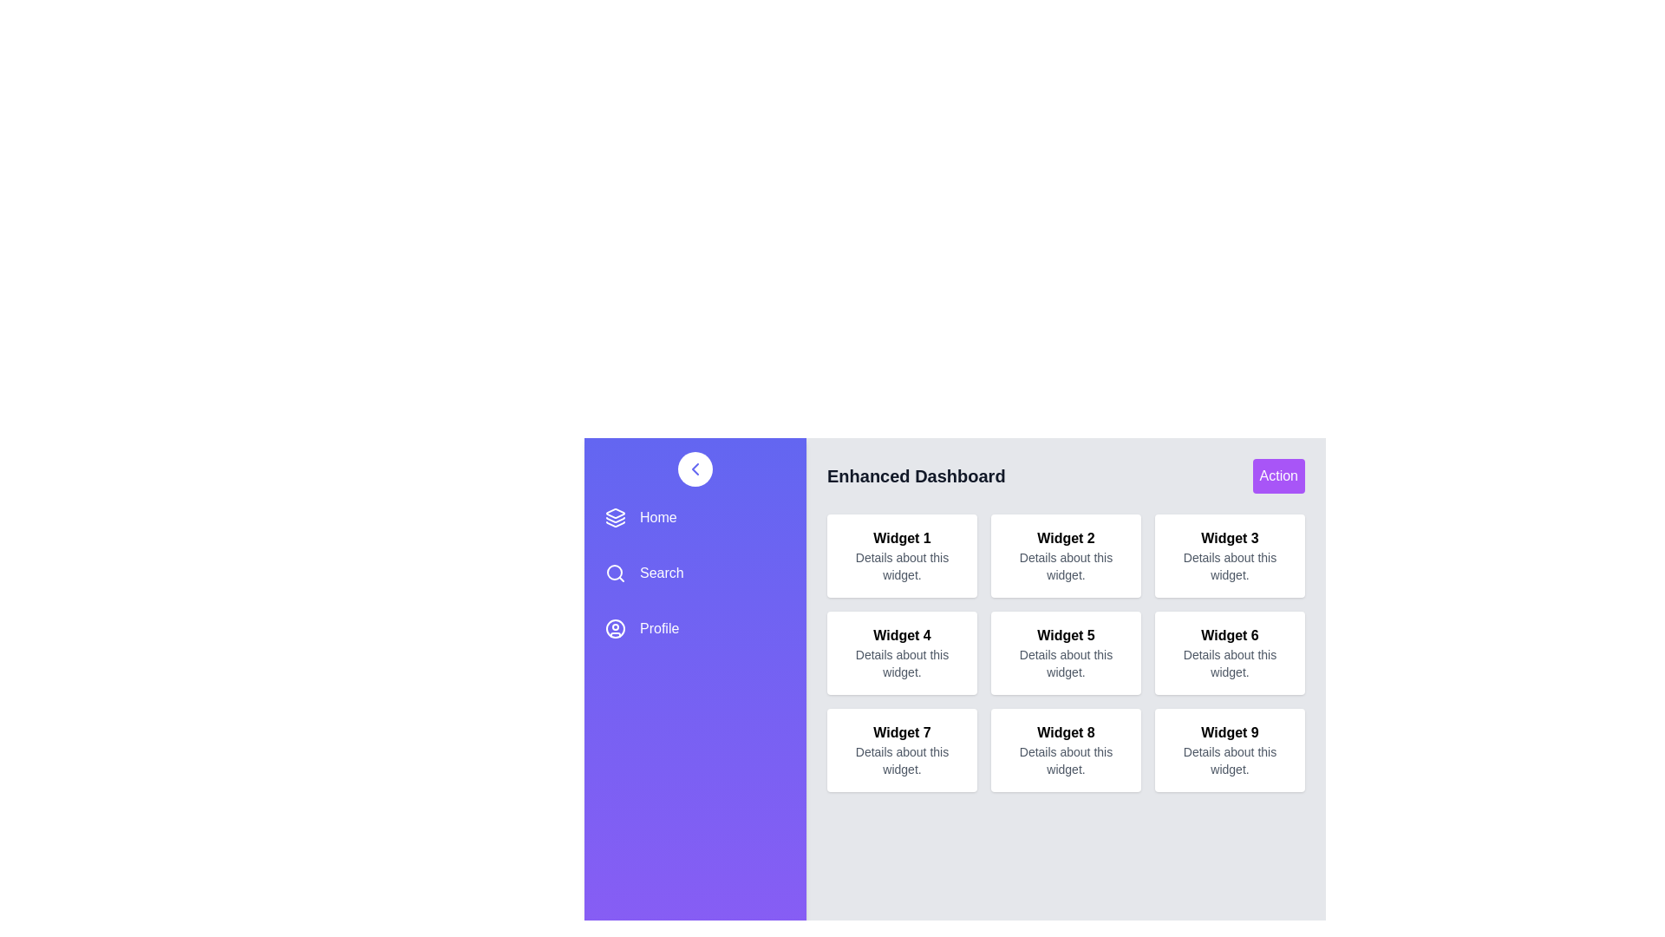 Image resolution: width=1665 pixels, height=937 pixels. I want to click on the 'Action' button in the header, so click(1278, 475).